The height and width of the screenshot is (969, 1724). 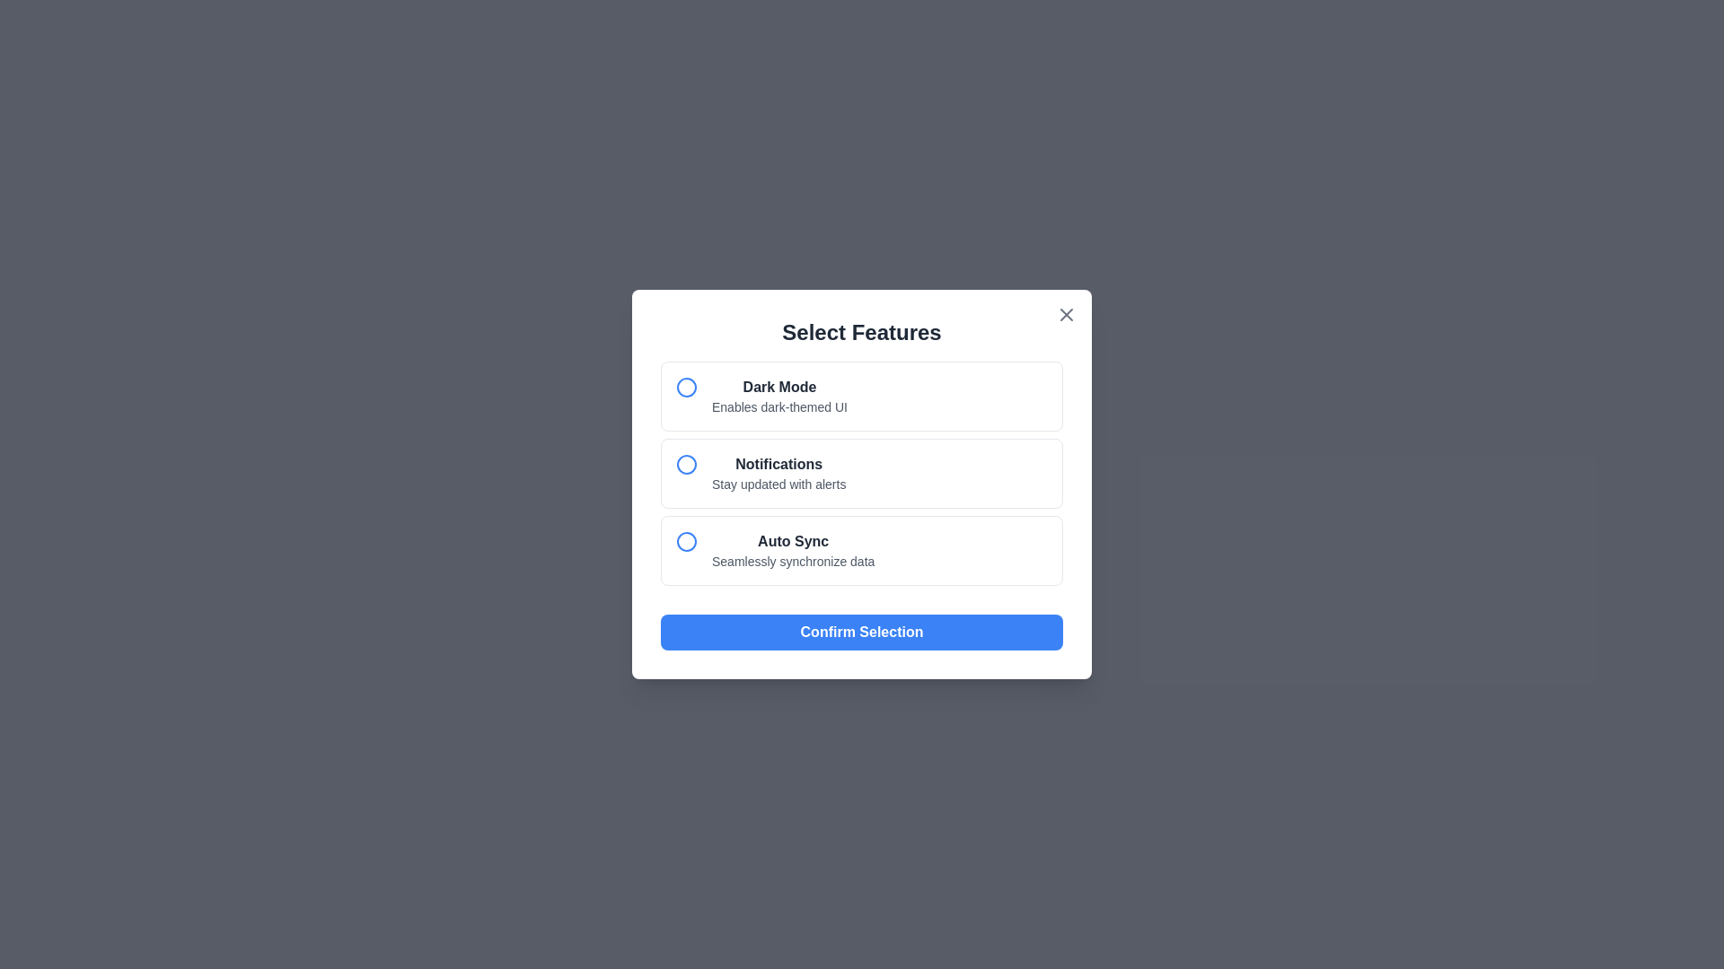 What do you see at coordinates (862, 549) in the screenshot?
I see `the feature option Auto Sync to highlight it` at bounding box center [862, 549].